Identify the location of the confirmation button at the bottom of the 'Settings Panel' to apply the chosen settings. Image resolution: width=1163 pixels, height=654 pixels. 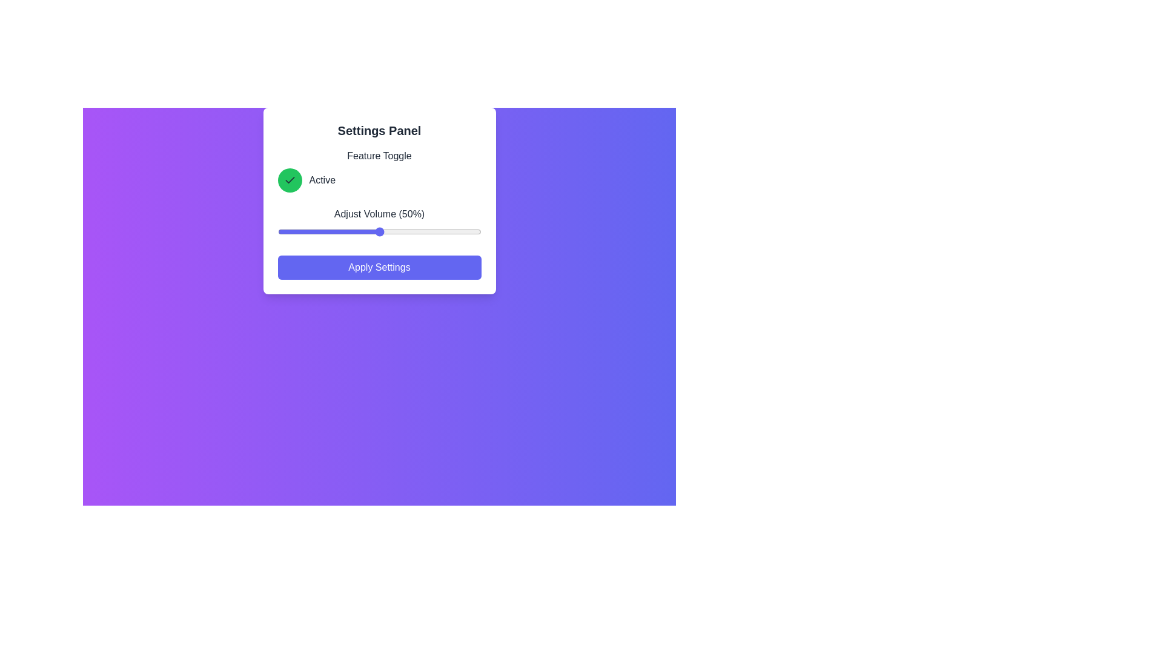
(379, 267).